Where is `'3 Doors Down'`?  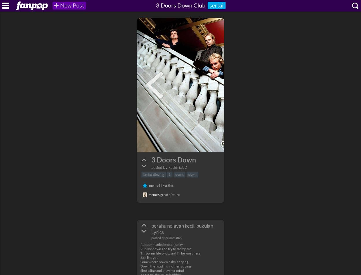
'3 Doors Down' is located at coordinates (151, 160).